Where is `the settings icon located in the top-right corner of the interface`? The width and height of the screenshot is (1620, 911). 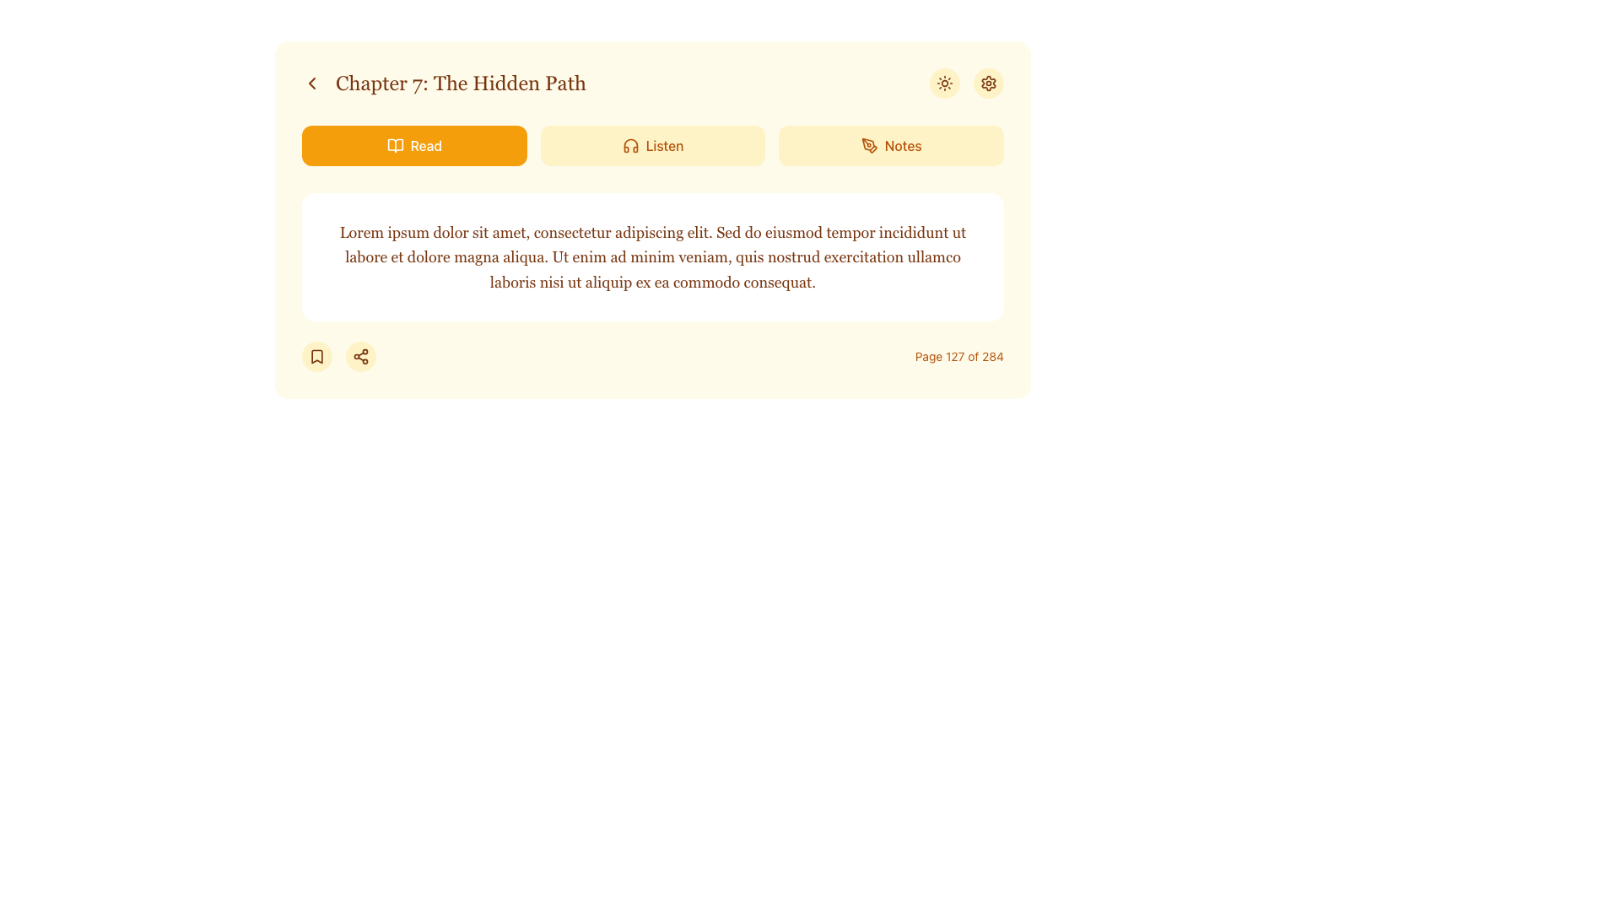 the settings icon located in the top-right corner of the interface is located at coordinates (988, 84).